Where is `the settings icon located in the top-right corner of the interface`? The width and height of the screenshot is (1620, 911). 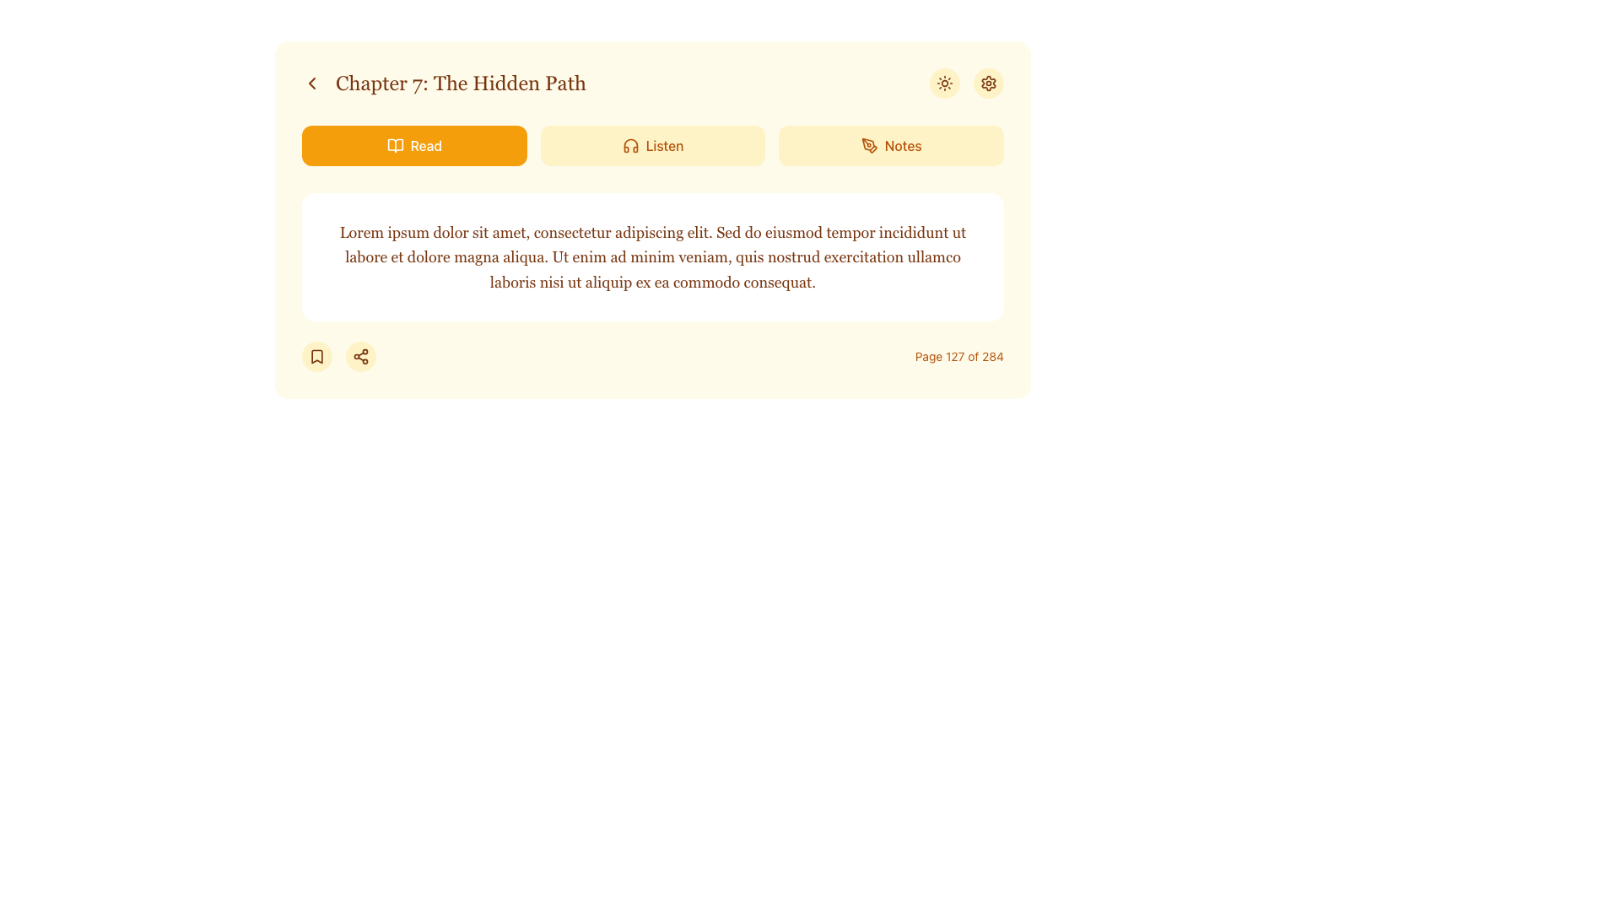 the settings icon located in the top-right corner of the interface is located at coordinates (988, 84).